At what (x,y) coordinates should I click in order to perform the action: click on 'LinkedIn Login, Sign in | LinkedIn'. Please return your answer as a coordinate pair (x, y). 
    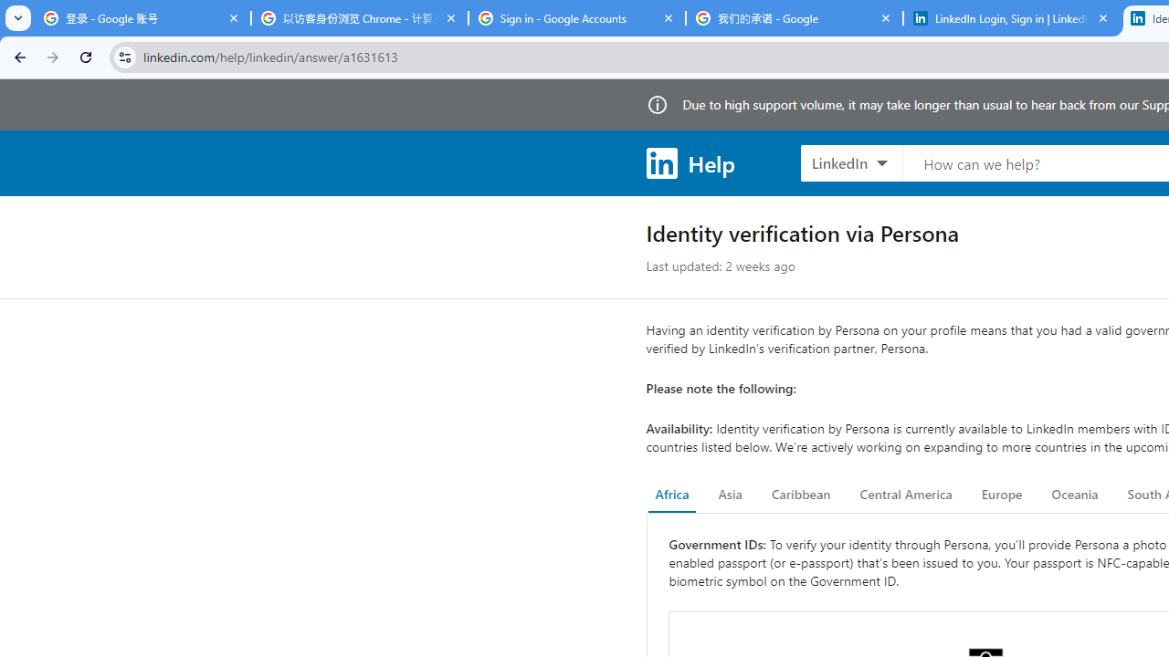
    Looking at the image, I should click on (1011, 18).